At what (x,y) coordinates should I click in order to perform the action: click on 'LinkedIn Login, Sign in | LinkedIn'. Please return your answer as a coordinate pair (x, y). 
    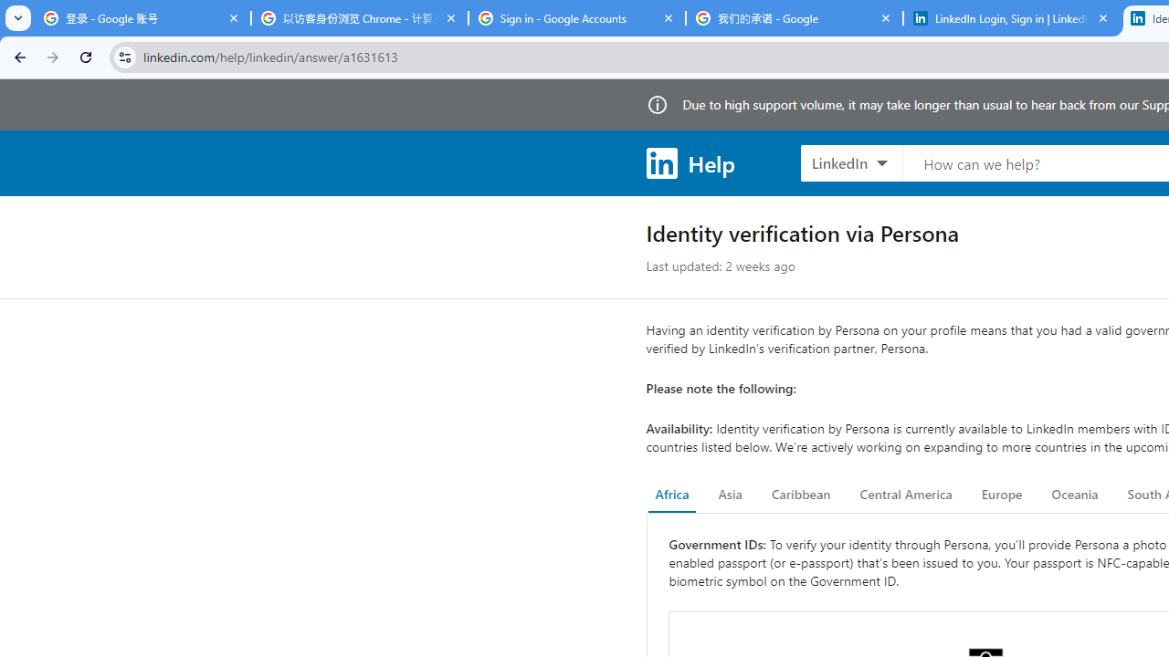
    Looking at the image, I should click on (1011, 18).